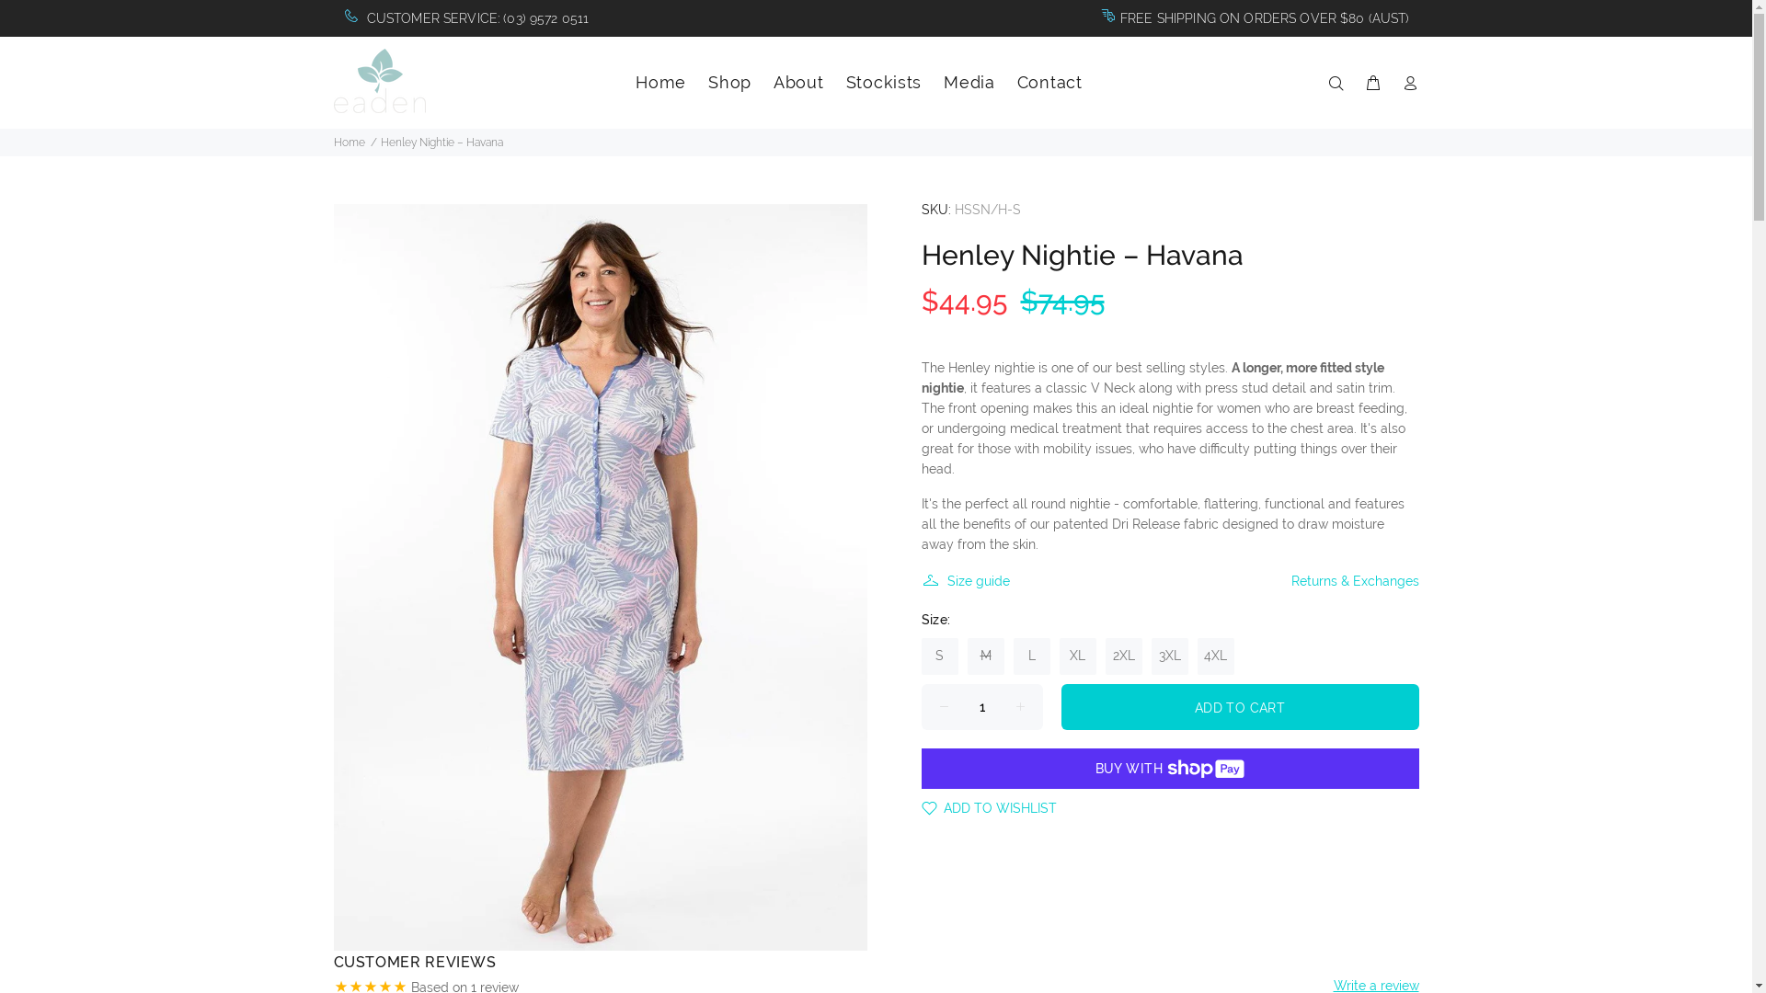  What do you see at coordinates (922, 800) in the screenshot?
I see `'ADD TO WISHLIST'` at bounding box center [922, 800].